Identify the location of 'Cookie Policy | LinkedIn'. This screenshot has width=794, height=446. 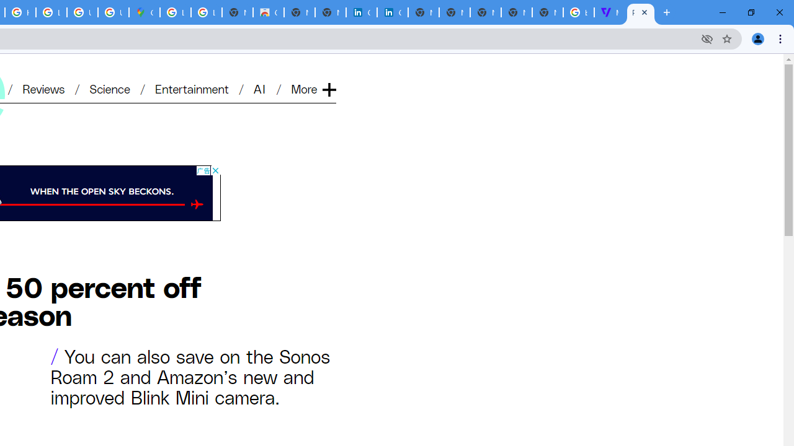
(391, 12).